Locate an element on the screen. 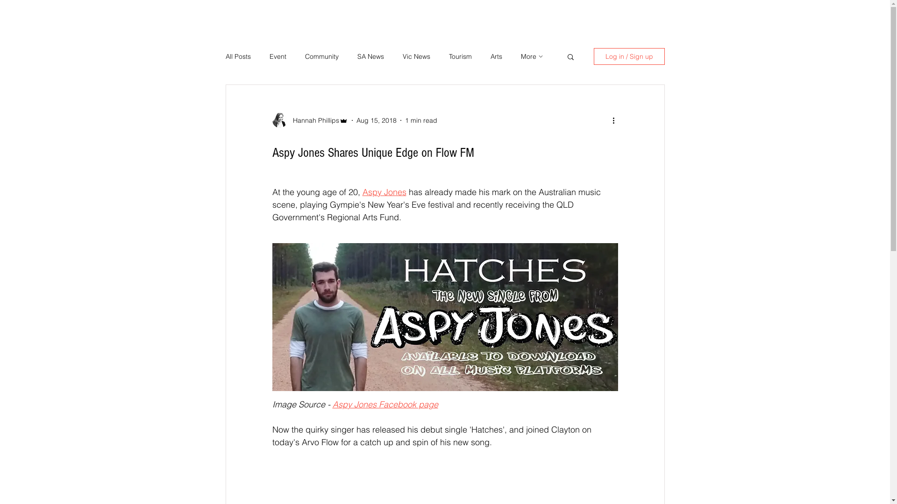 Image resolution: width=897 pixels, height=504 pixels. 'Event' is located at coordinates (277, 56).